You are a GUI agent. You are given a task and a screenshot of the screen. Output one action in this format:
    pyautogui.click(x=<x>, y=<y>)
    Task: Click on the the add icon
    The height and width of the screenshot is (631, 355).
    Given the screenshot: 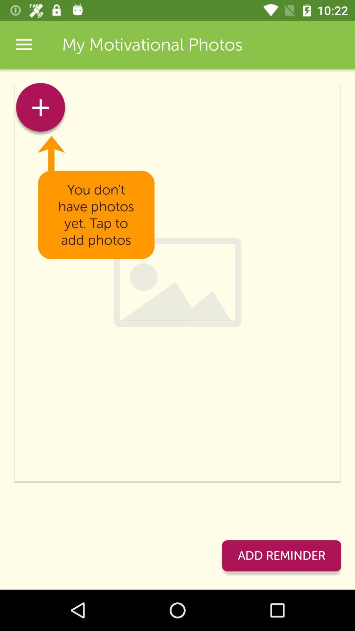 What is the action you would take?
    pyautogui.click(x=40, y=109)
    